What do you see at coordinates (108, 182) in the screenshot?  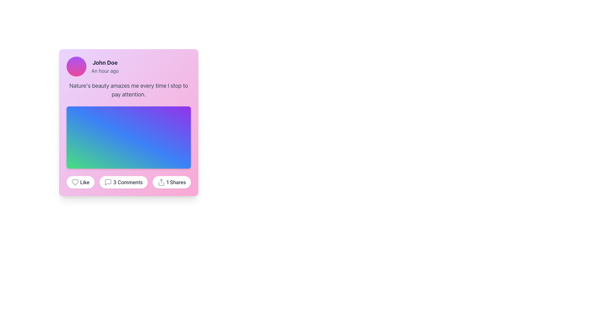 I see `the speech bubble icon in the action control bar labeled '3 Comments' located under a post` at bounding box center [108, 182].